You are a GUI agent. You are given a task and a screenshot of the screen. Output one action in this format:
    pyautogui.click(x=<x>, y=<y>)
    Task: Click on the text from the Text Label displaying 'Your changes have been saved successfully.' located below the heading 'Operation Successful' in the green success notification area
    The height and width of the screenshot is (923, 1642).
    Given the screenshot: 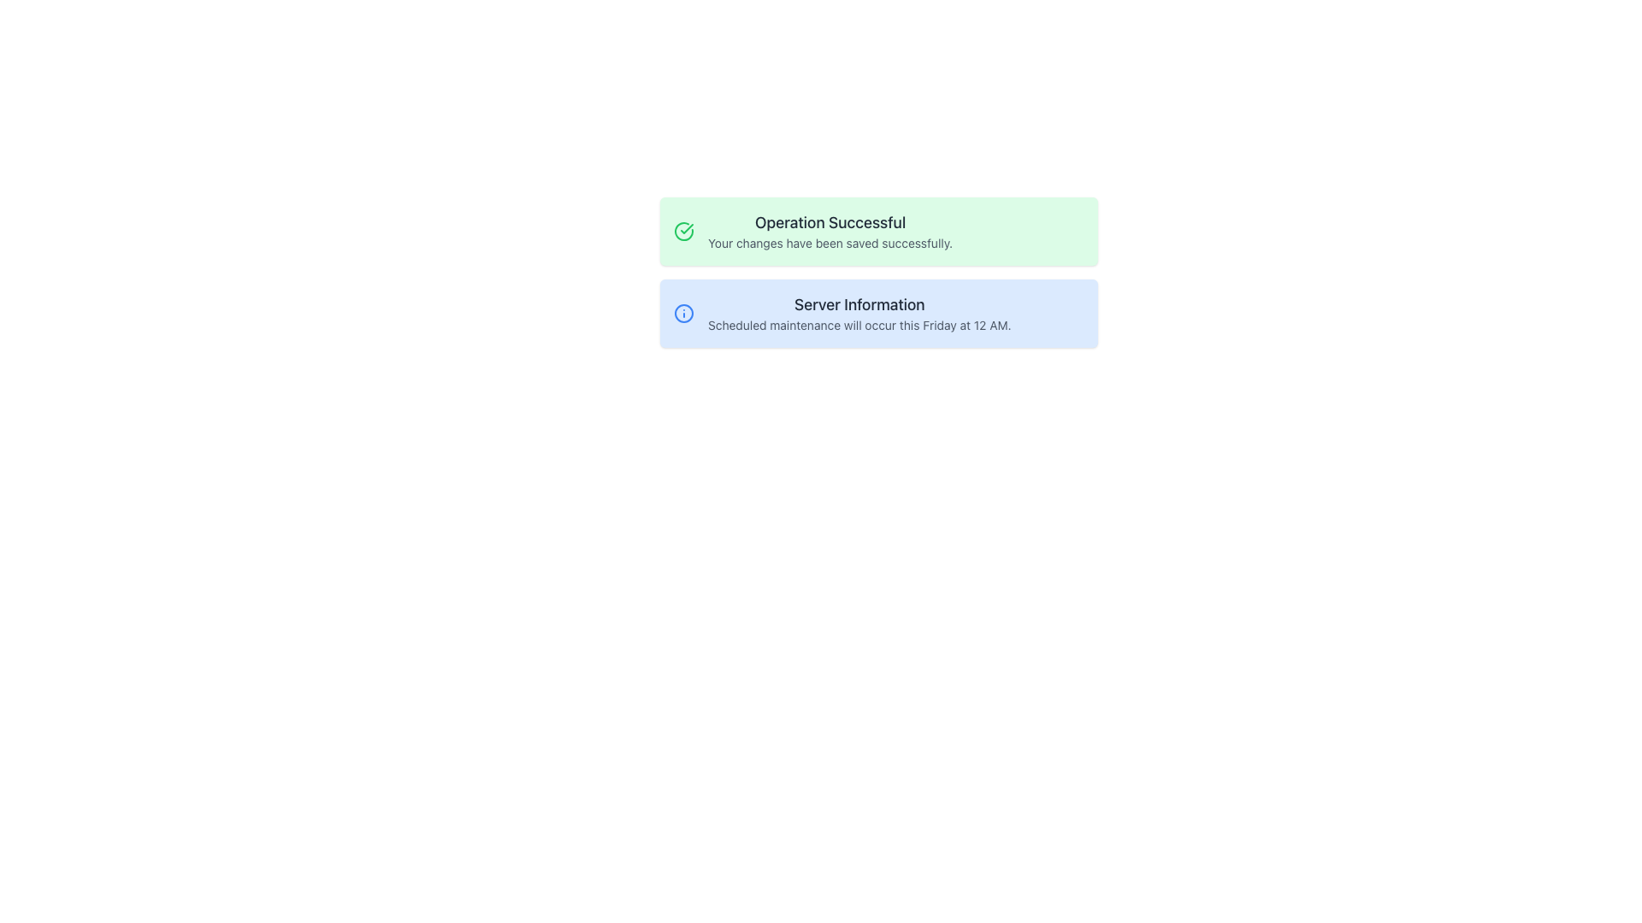 What is the action you would take?
    pyautogui.click(x=830, y=244)
    